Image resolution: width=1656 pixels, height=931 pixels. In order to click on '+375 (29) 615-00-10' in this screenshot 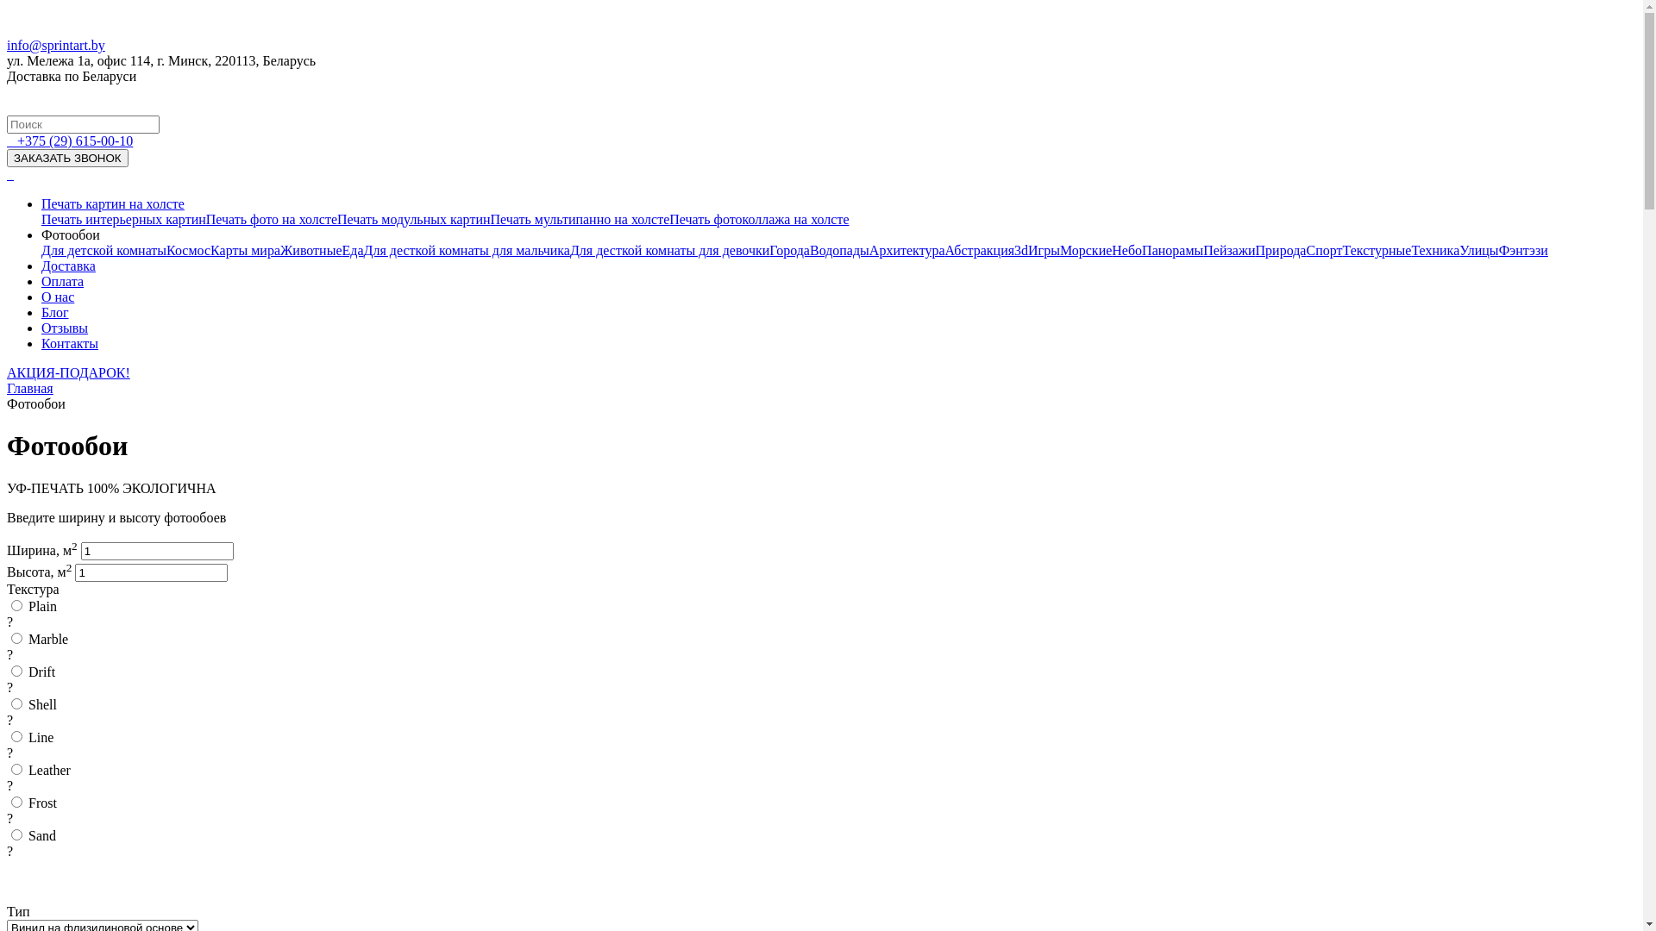, I will do `click(16, 140)`.